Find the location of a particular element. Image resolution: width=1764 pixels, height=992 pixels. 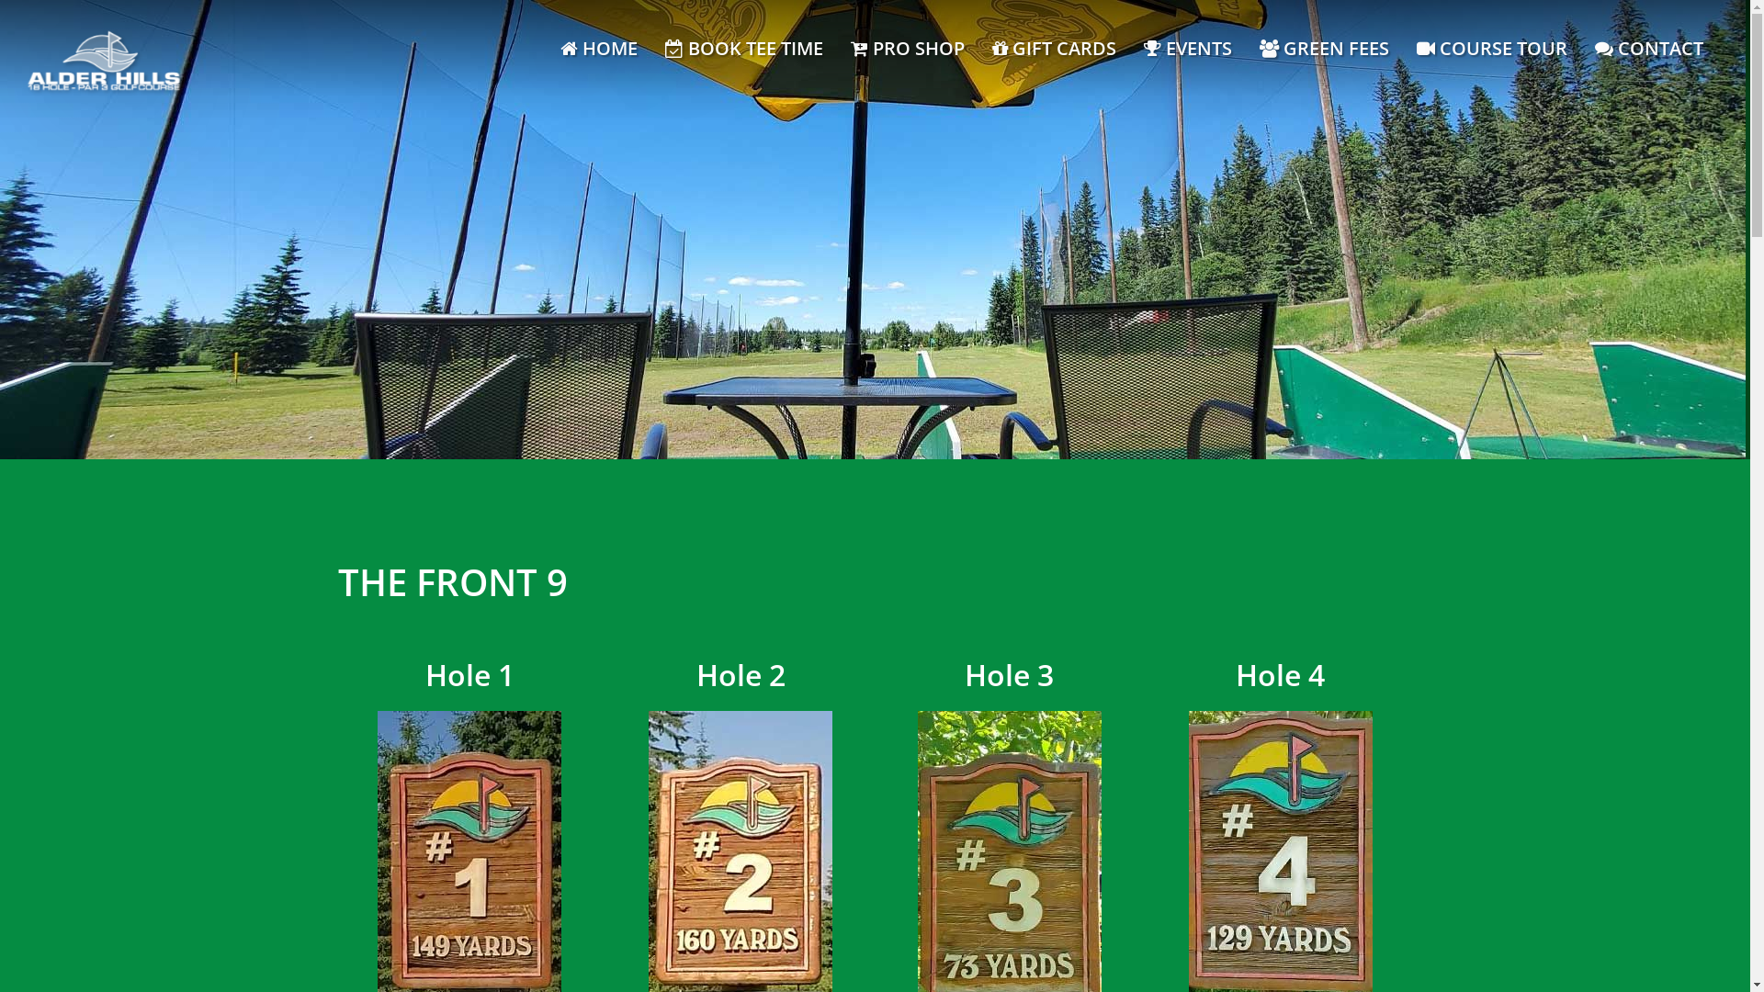

'COURSE TOUR' is located at coordinates (1491, 48).